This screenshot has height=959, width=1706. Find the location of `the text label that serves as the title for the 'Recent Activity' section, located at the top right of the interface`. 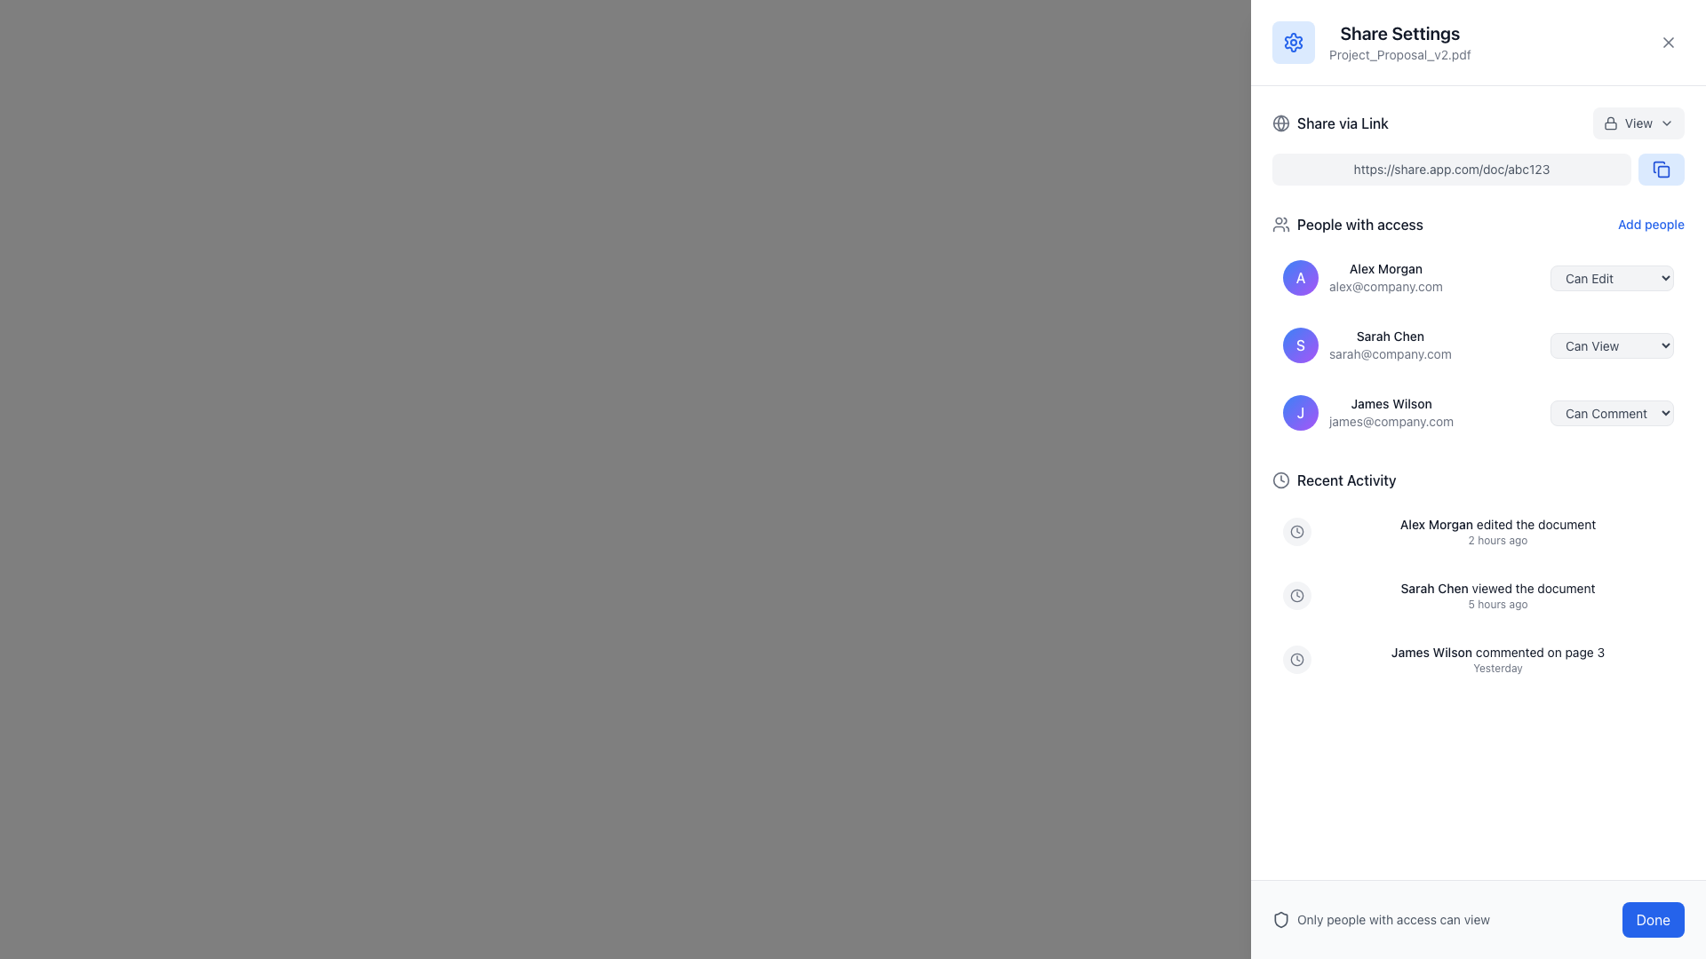

the text label that serves as the title for the 'Recent Activity' section, located at the top right of the interface is located at coordinates (1346, 479).